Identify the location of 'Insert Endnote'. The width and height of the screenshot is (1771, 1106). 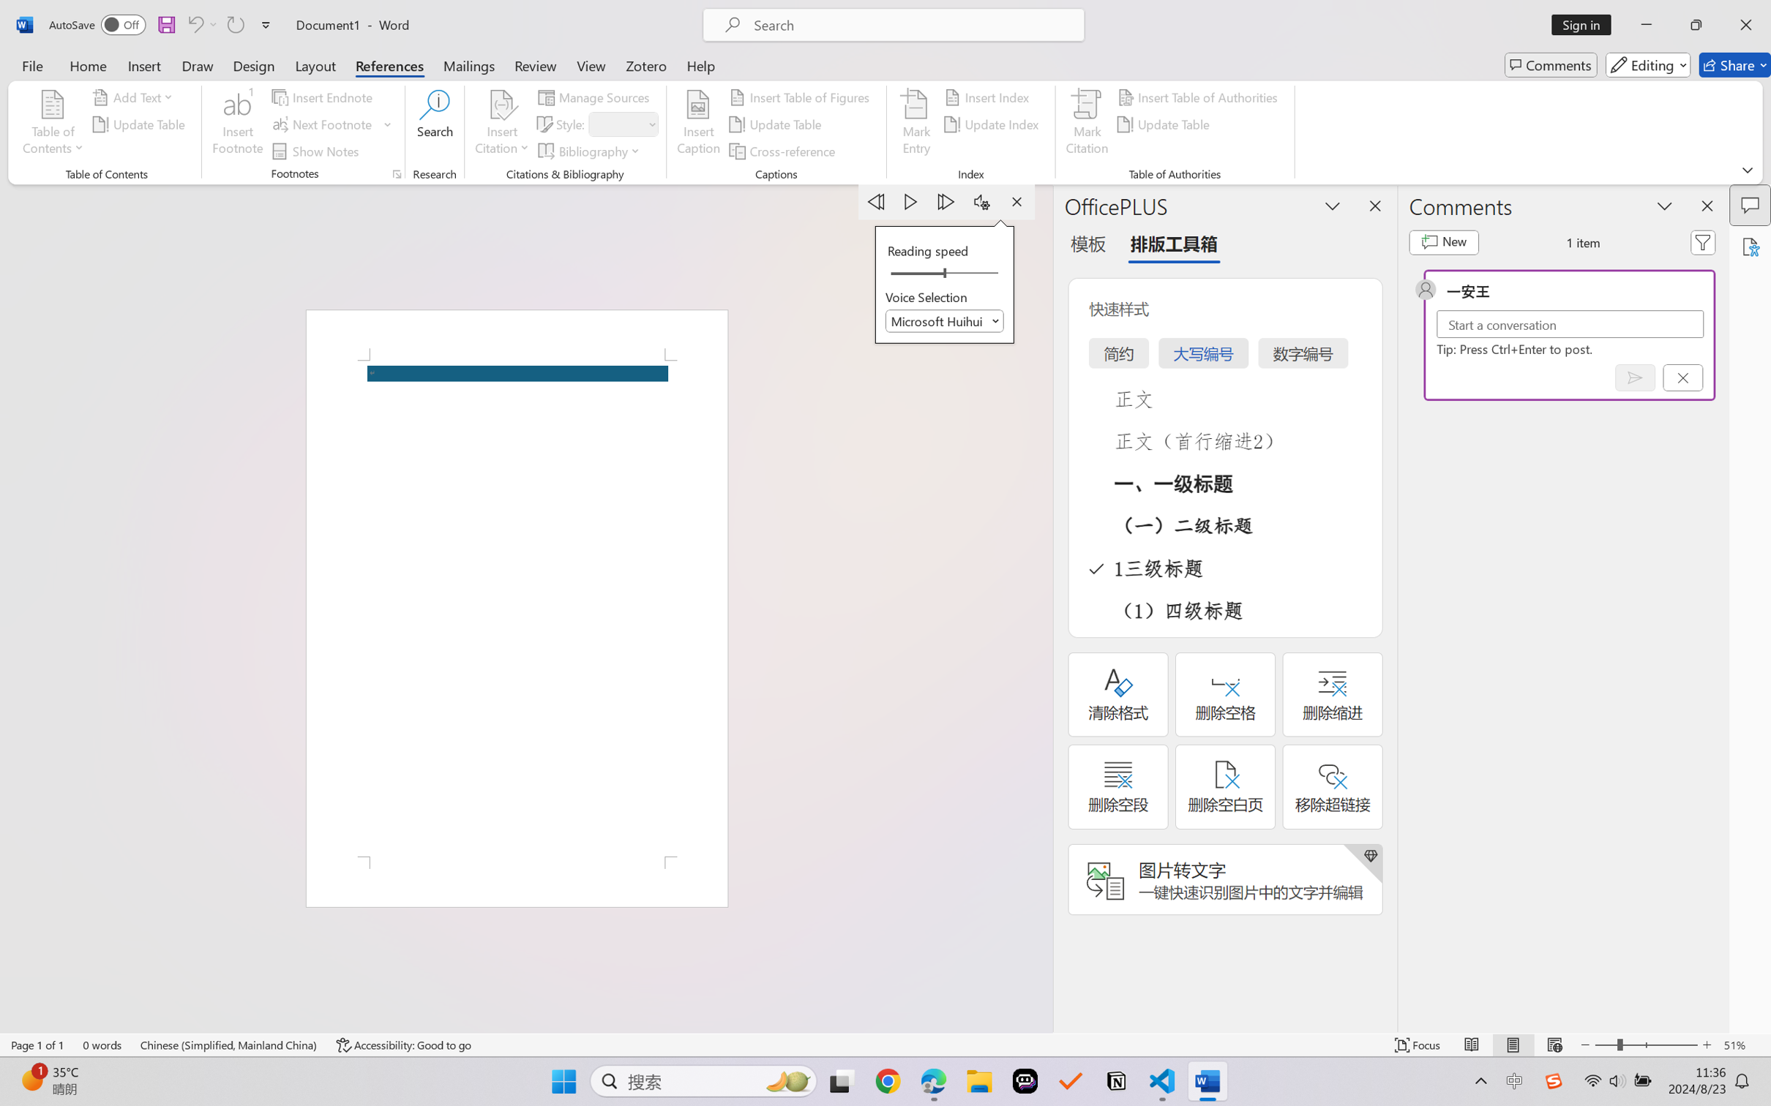
(323, 96).